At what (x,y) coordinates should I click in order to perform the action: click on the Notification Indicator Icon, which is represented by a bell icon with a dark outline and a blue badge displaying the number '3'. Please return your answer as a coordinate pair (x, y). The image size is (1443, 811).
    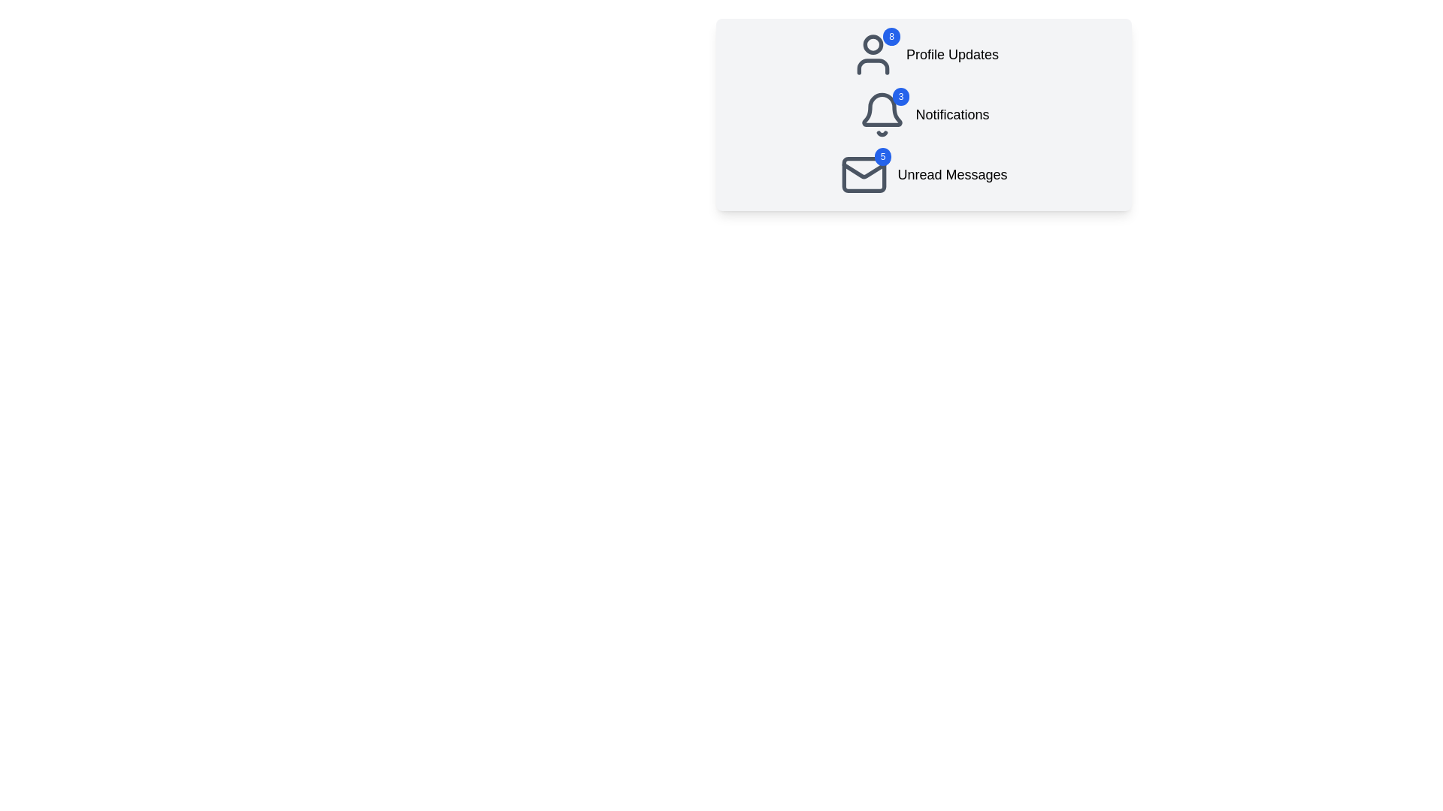
    Looking at the image, I should click on (882, 114).